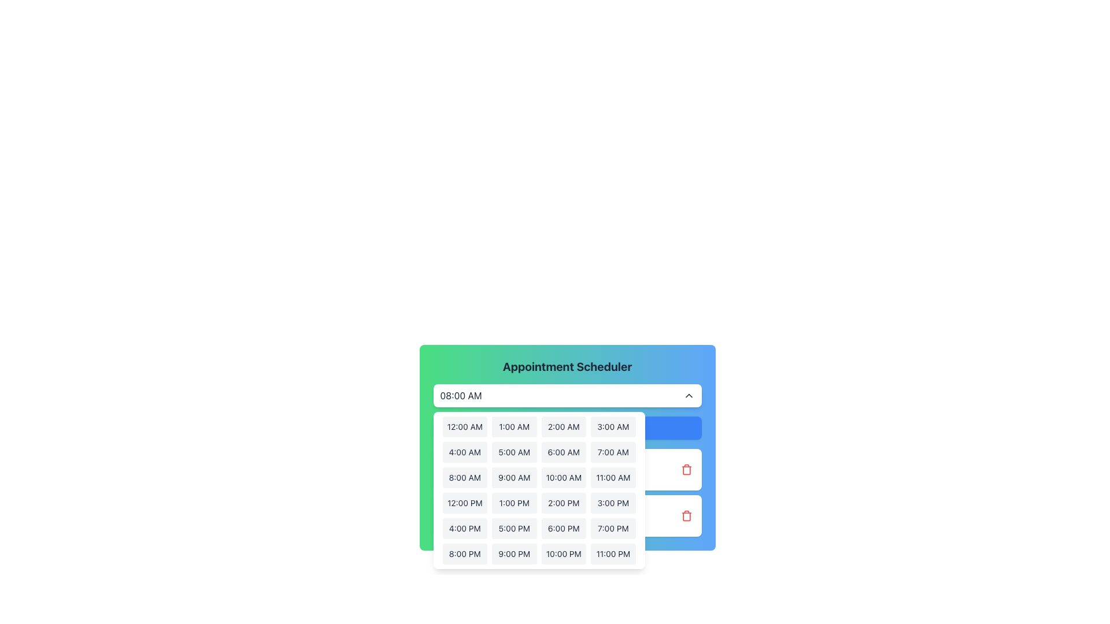 The height and width of the screenshot is (624, 1110). What do you see at coordinates (465, 554) in the screenshot?
I see `the interactive button displaying '8:00 PM' in the first column of the last row of the dropdown time selector` at bounding box center [465, 554].